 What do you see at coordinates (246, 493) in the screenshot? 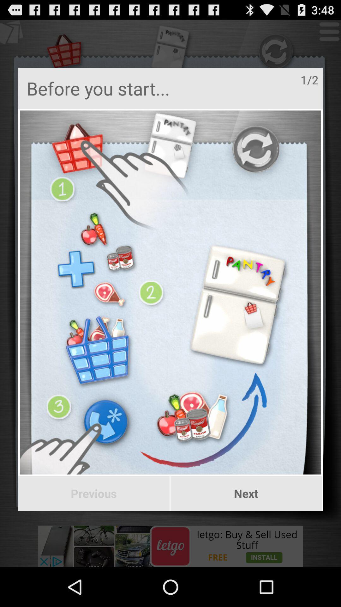
I see `next button` at bounding box center [246, 493].